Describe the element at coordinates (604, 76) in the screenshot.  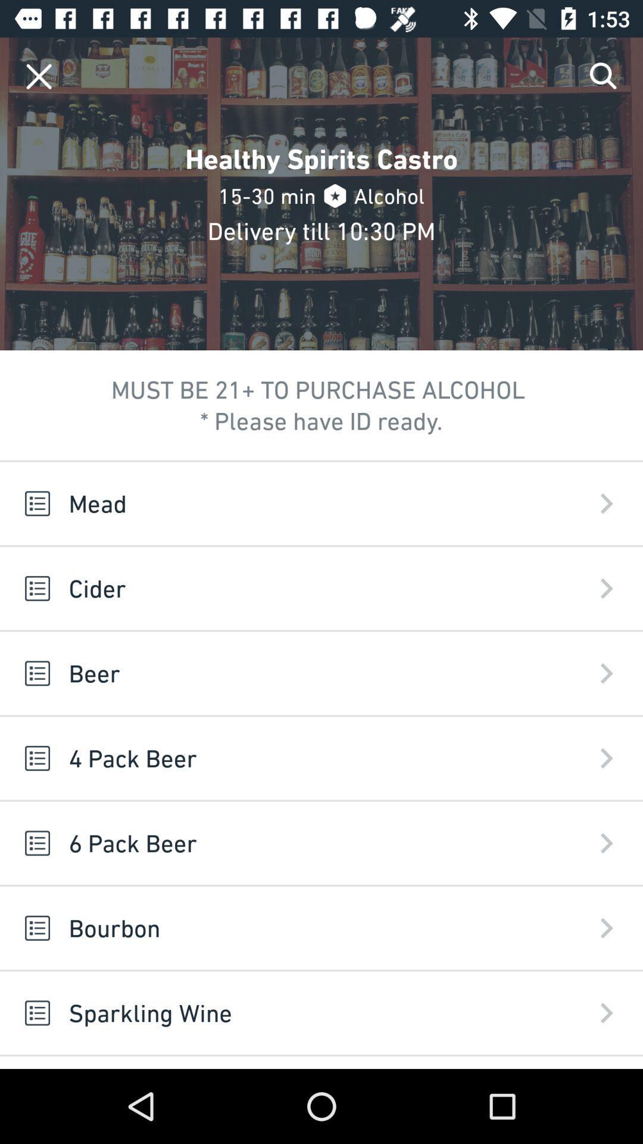
I see `click on search option` at that location.